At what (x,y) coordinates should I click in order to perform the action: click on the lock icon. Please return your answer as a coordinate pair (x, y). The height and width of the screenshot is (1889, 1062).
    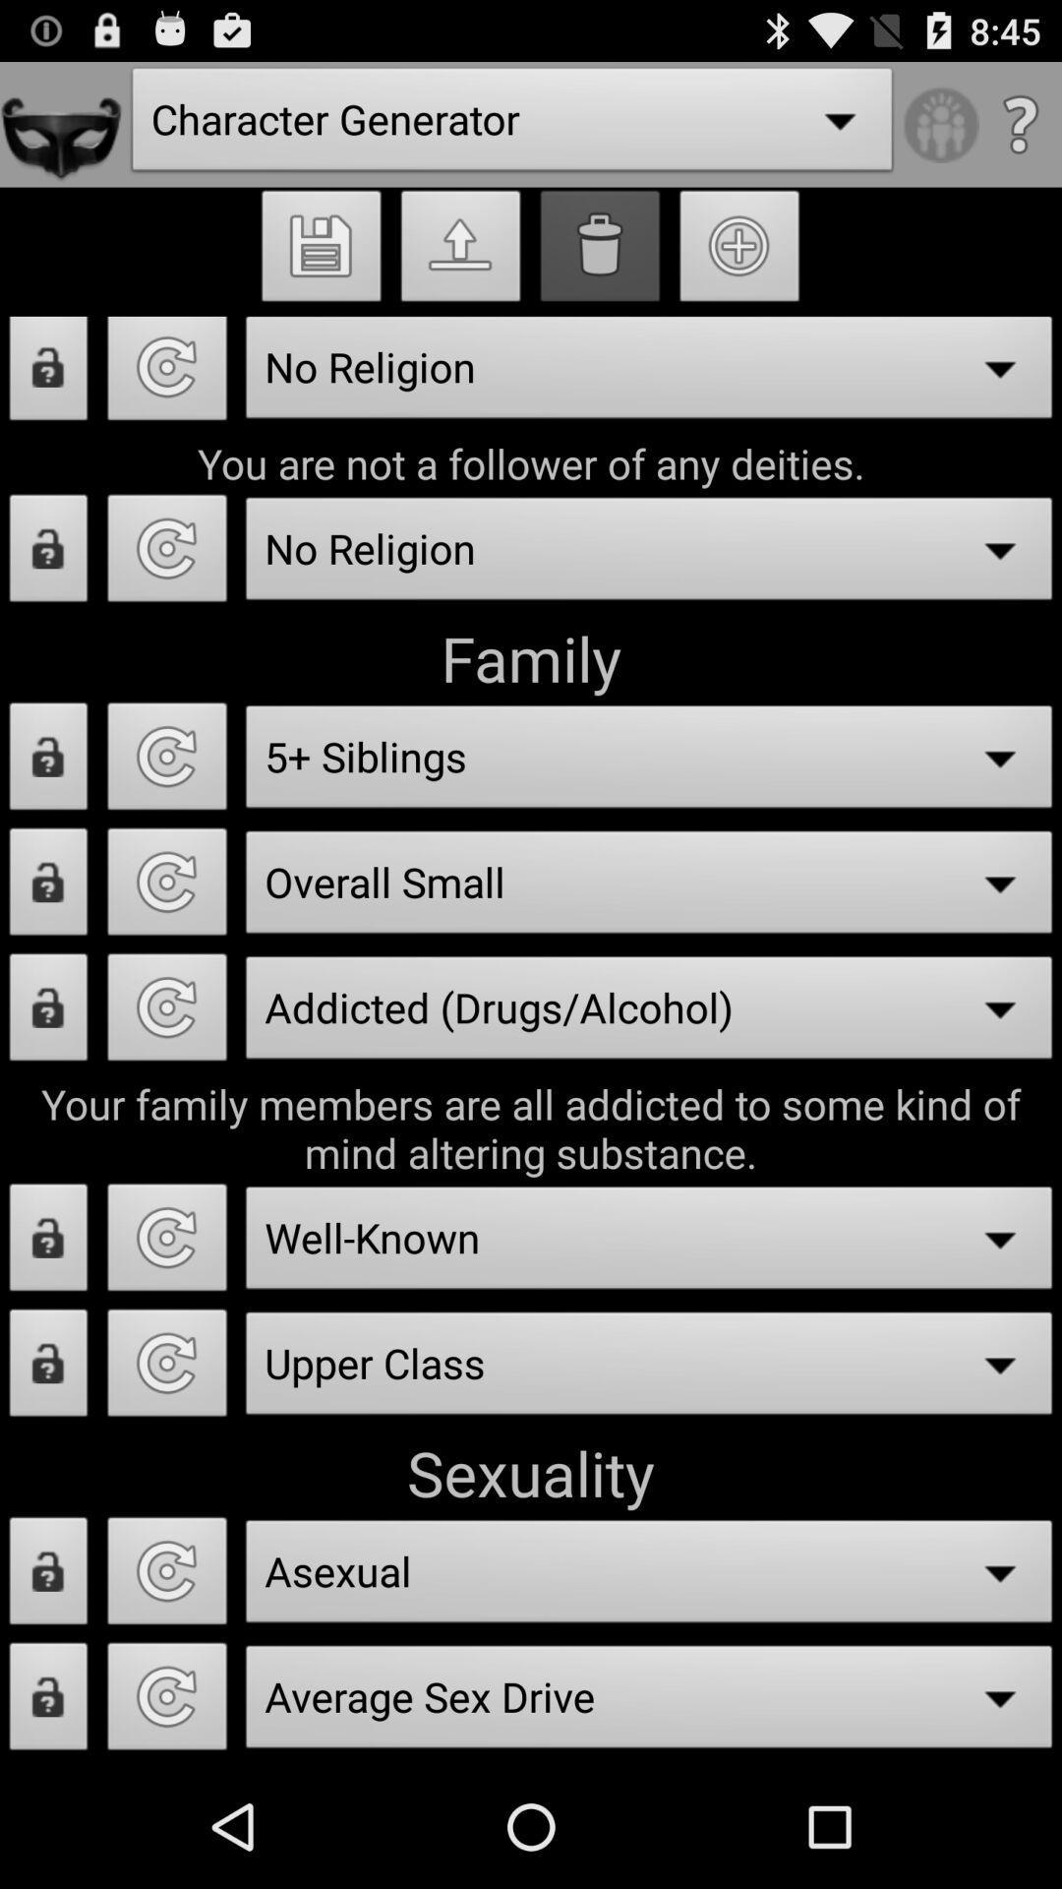
    Looking at the image, I should click on (47, 591).